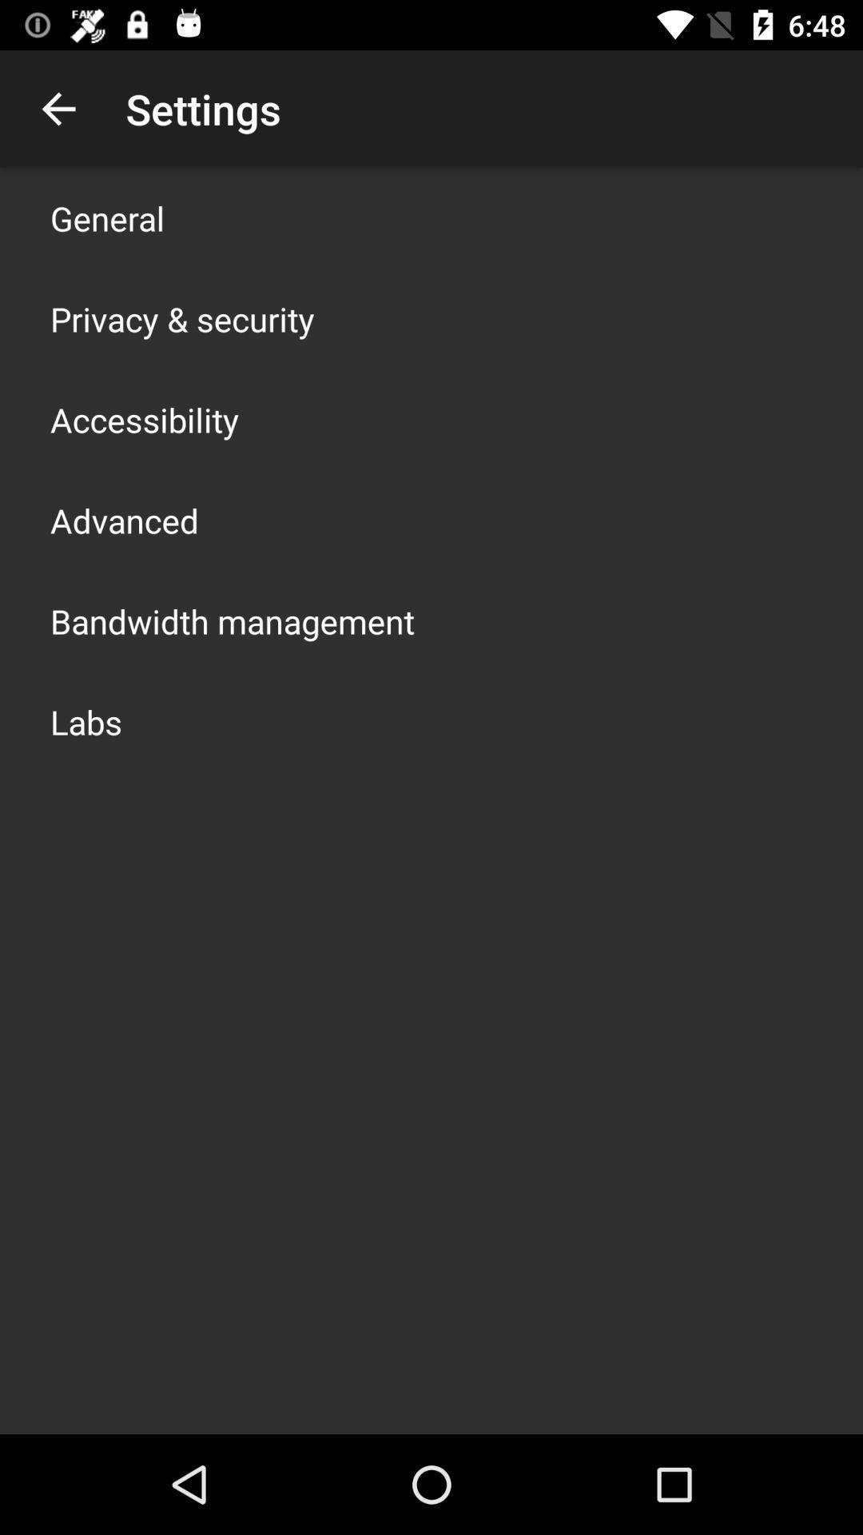 The height and width of the screenshot is (1535, 863). What do you see at coordinates (181, 318) in the screenshot?
I see `privacy & security` at bounding box center [181, 318].